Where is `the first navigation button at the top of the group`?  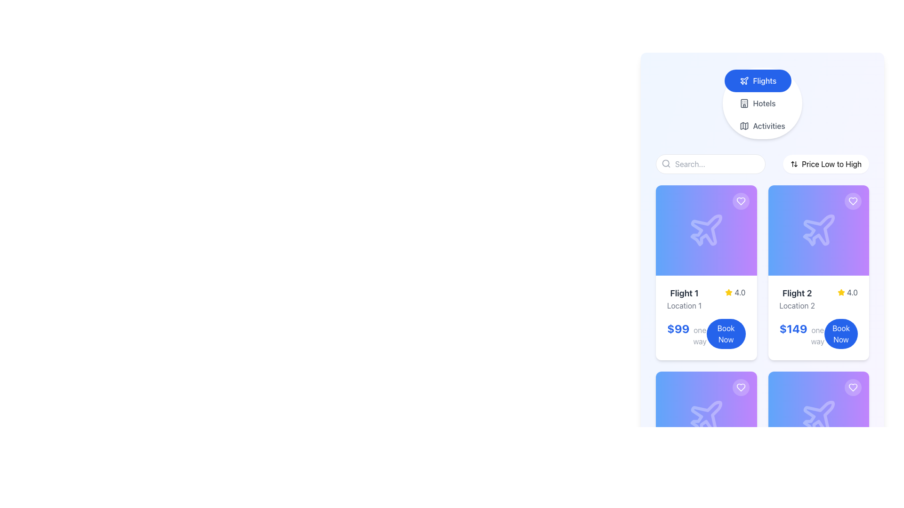
the first navigation button at the top of the group is located at coordinates (758, 80).